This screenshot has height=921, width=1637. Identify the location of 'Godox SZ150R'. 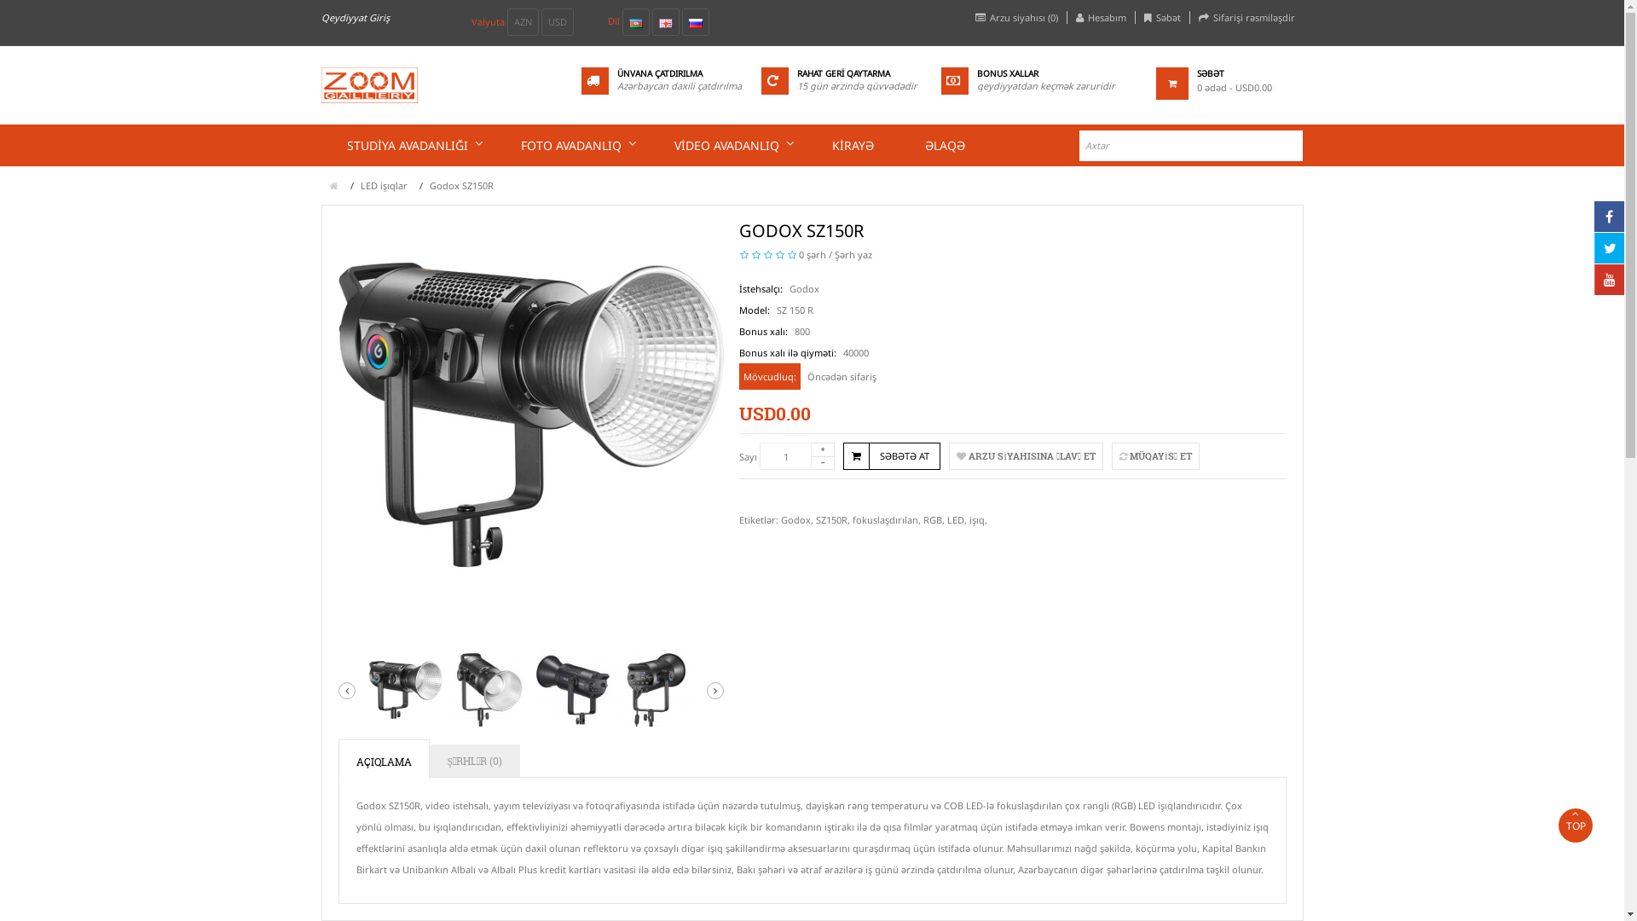
(573, 689).